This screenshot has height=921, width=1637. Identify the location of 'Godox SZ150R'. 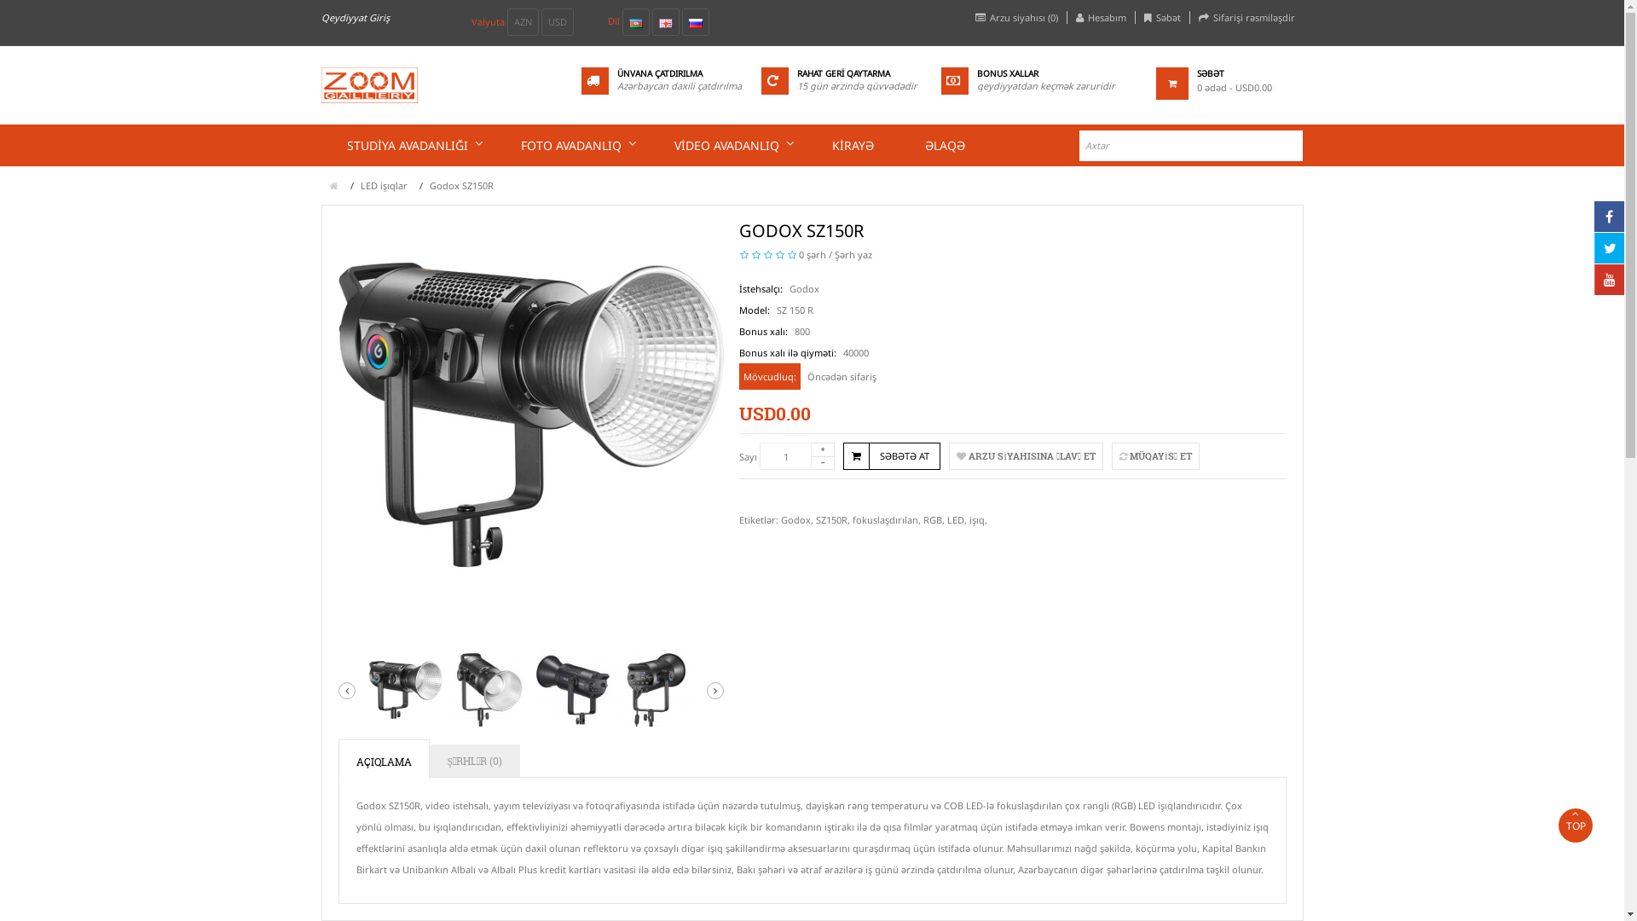
(573, 689).